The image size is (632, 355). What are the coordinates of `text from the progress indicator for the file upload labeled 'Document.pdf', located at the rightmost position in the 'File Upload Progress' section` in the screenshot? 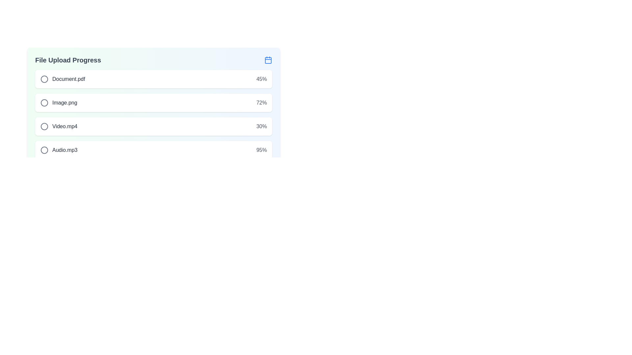 It's located at (261, 79).